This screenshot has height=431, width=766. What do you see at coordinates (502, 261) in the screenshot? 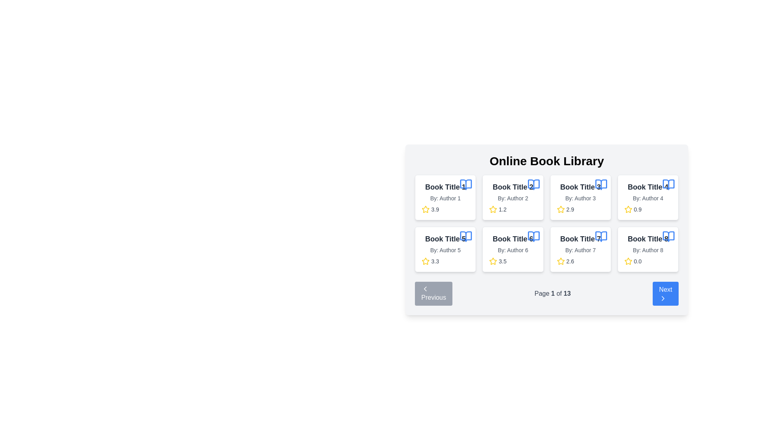
I see `the numeric rating display located in the sixth book card of the second row, positioned to the right of the star rating icon` at bounding box center [502, 261].